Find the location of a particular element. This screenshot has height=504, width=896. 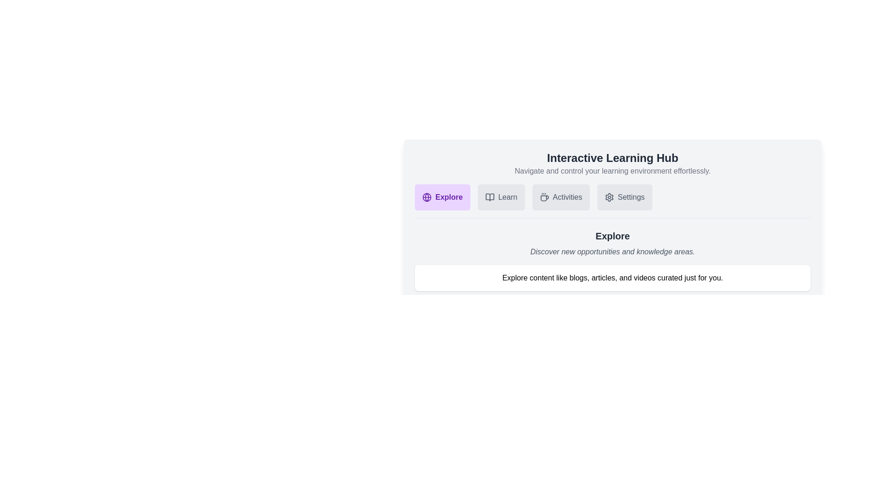

the informational text block that reads 'Explore content like blogs, articles, and videos curated just for you.' is located at coordinates (613, 278).